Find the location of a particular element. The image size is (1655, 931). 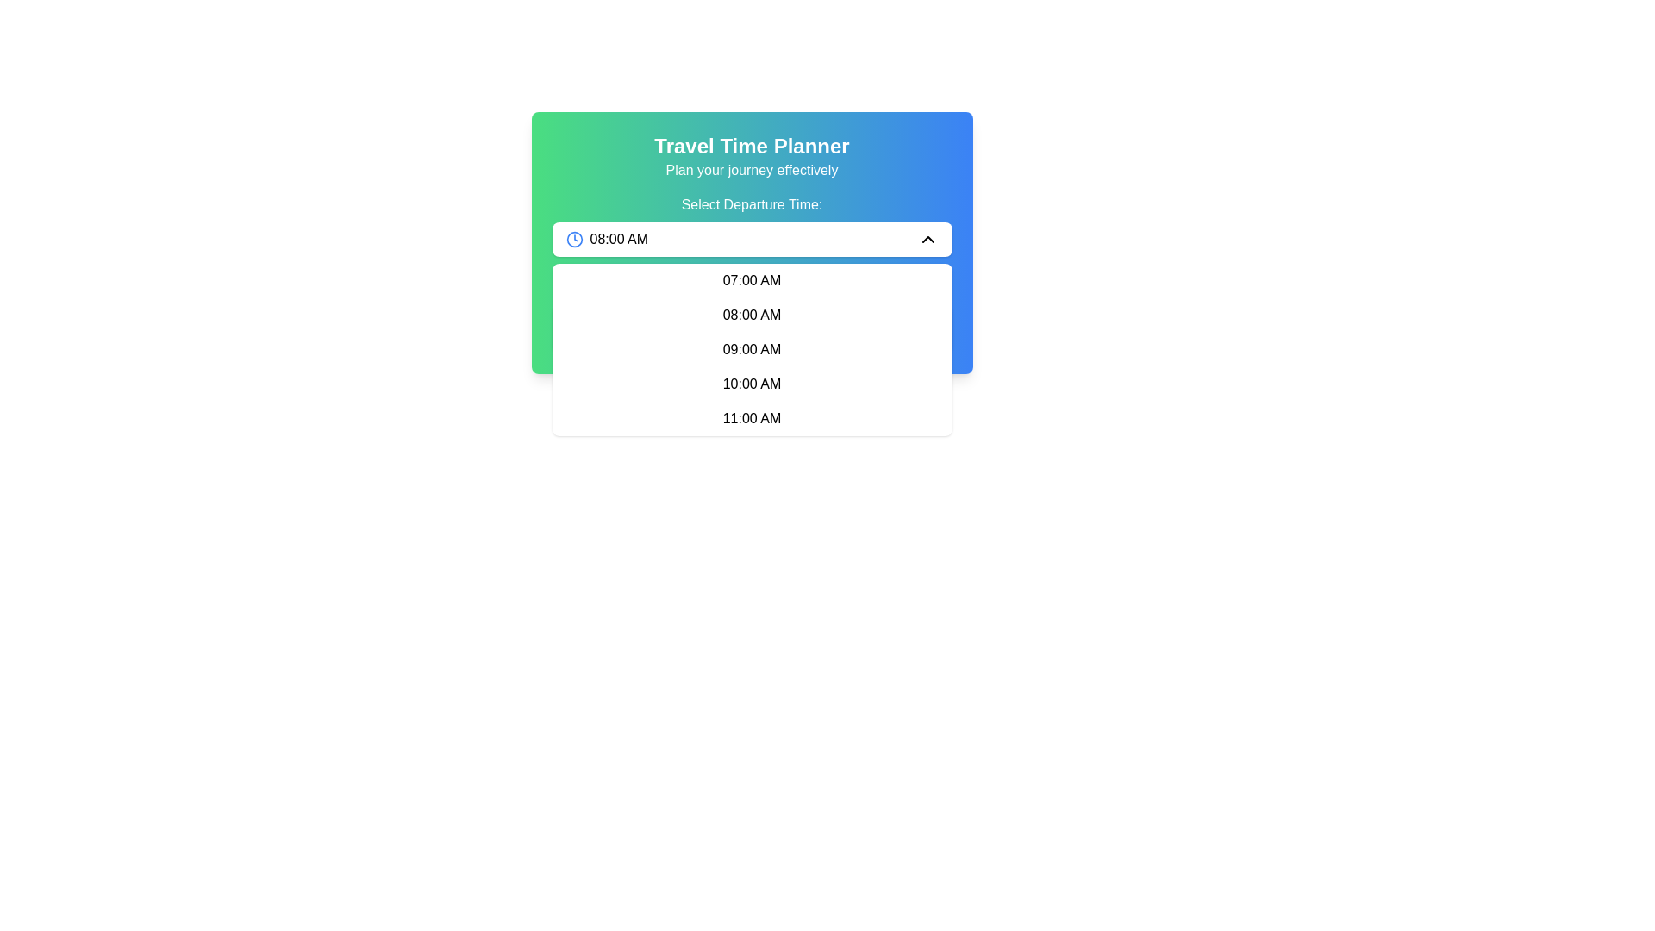

the fifth item in the dropdown menu is located at coordinates (752, 419).